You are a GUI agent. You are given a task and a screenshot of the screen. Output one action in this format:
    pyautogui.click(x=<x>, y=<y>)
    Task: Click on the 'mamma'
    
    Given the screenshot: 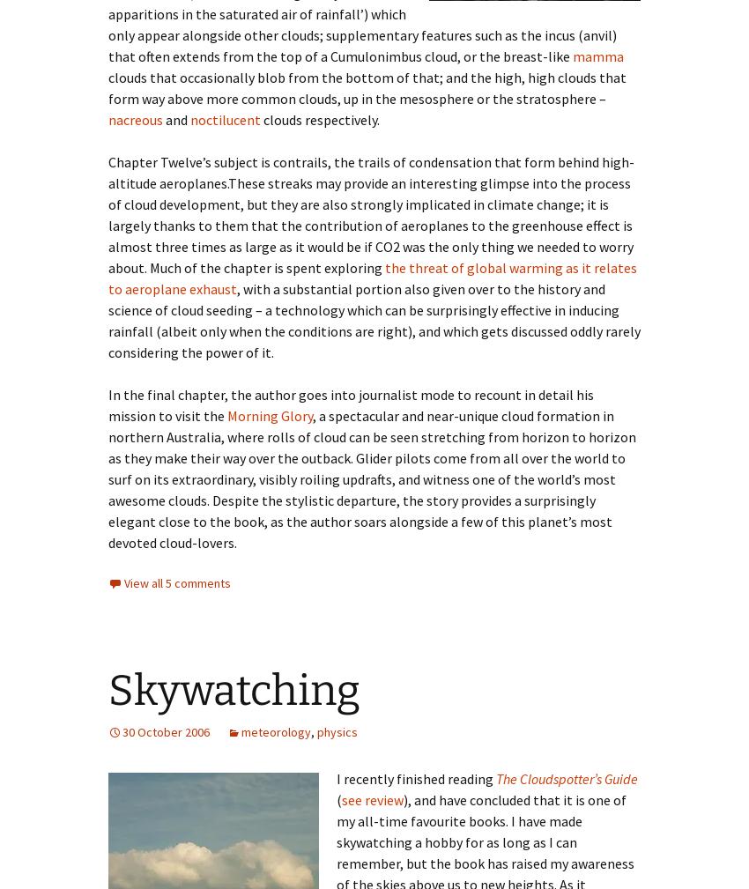 What is the action you would take?
    pyautogui.click(x=572, y=55)
    